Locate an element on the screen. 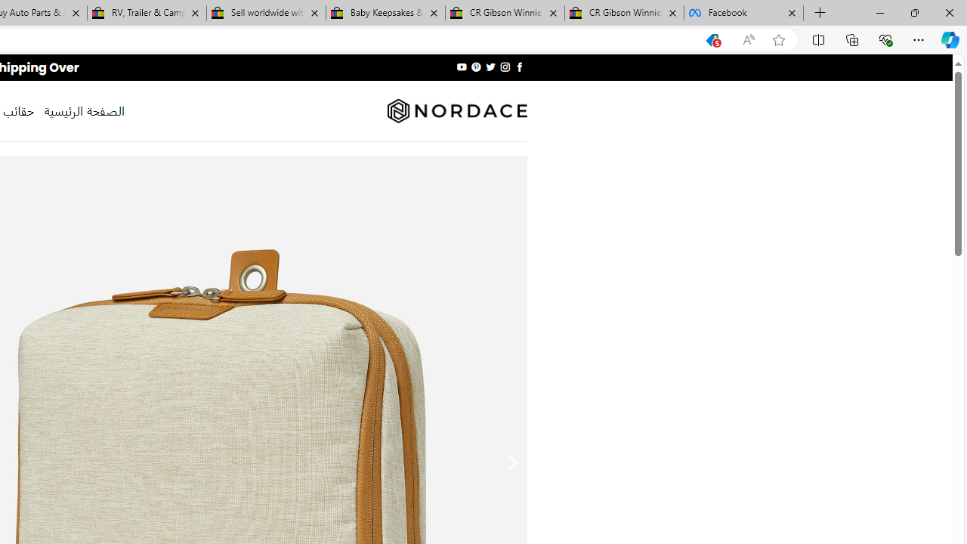 This screenshot has width=967, height=544. 'Follow on Instagram' is located at coordinates (505, 66).